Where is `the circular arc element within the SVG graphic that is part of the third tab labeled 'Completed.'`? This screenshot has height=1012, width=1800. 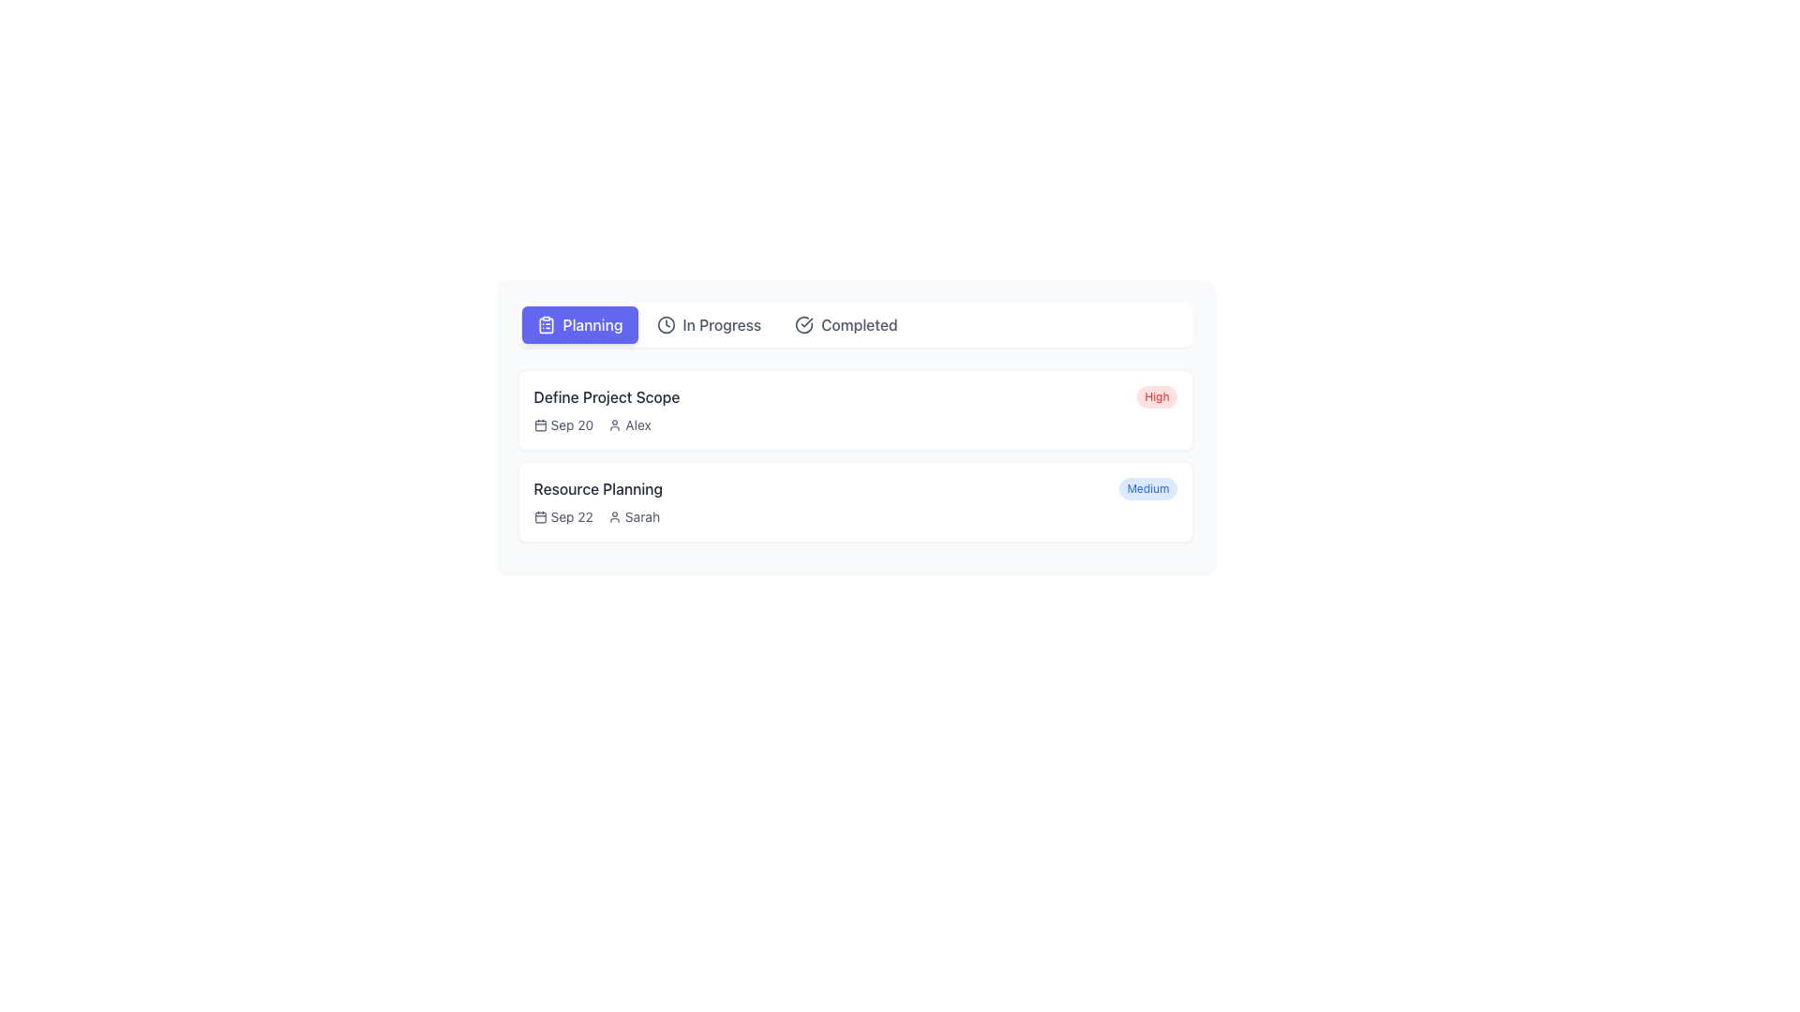
the circular arc element within the SVG graphic that is part of the third tab labeled 'Completed.' is located at coordinates (804, 324).